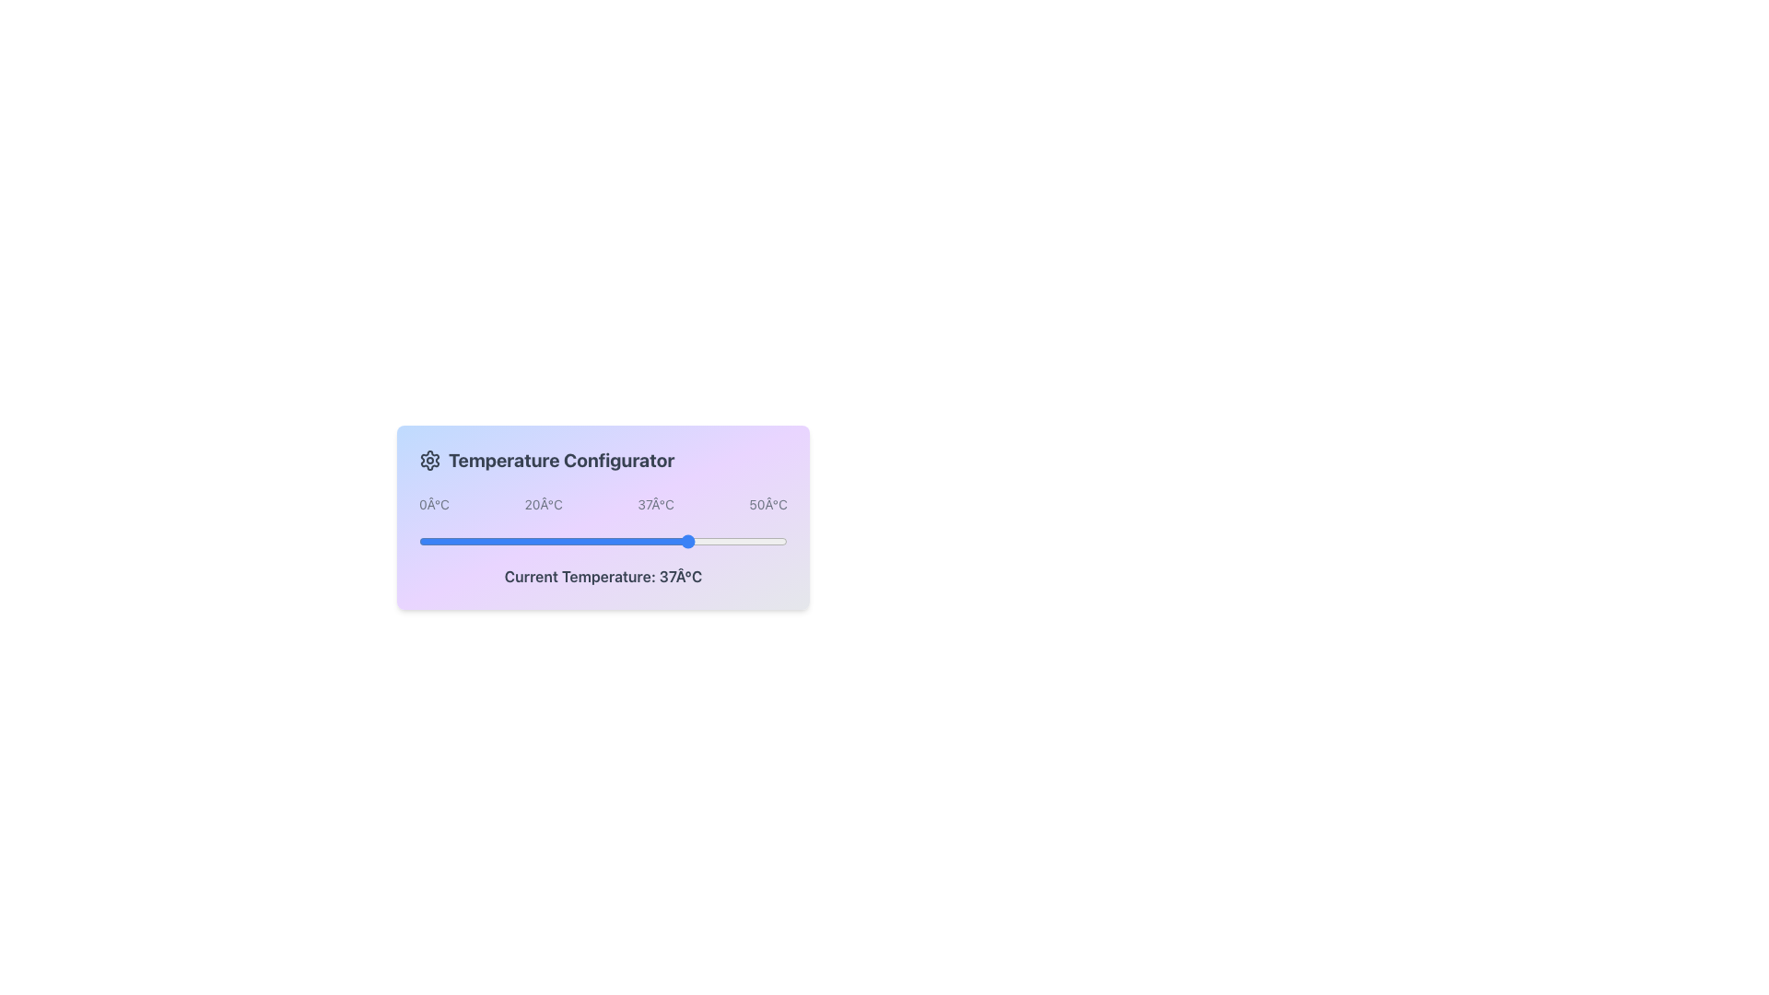 Image resolution: width=1769 pixels, height=995 pixels. What do you see at coordinates (543, 504) in the screenshot?
I see `the static text label displaying '20°C', which is the second item in a group of temperature markers` at bounding box center [543, 504].